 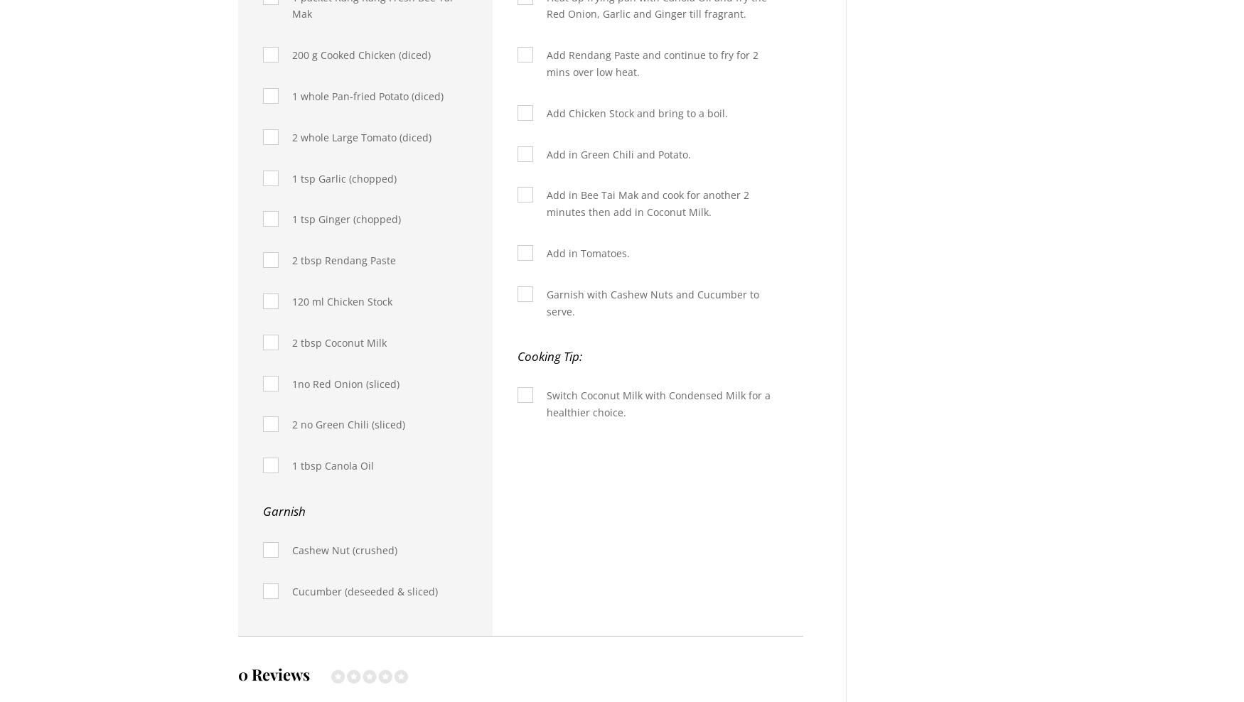 What do you see at coordinates (651, 301) in the screenshot?
I see `'Garnish with Cashew Nuts and Cucumber to serve.'` at bounding box center [651, 301].